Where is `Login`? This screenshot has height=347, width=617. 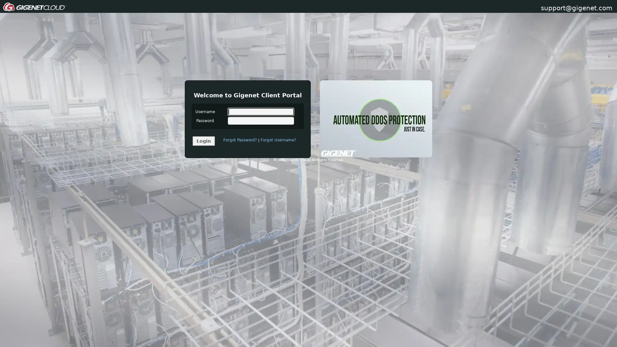
Login is located at coordinates (203, 140).